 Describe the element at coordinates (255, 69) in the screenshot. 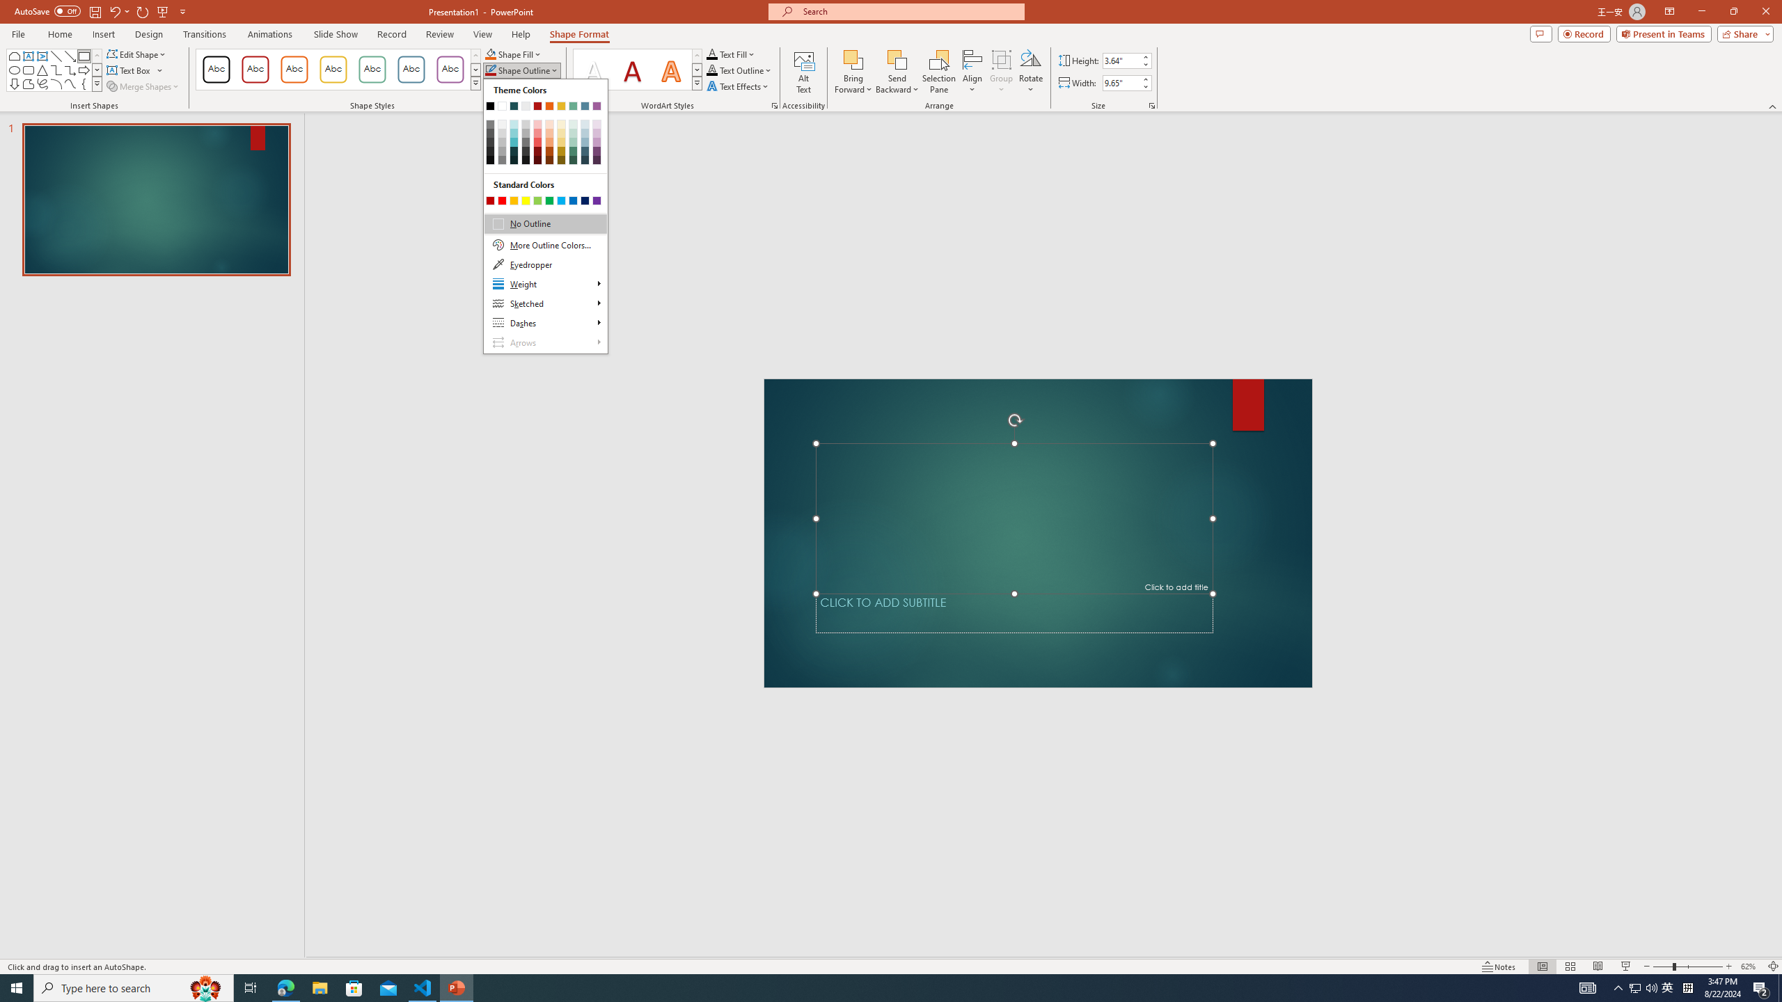

I see `'Colored Outline - Dark Red, Accent 1'` at that location.